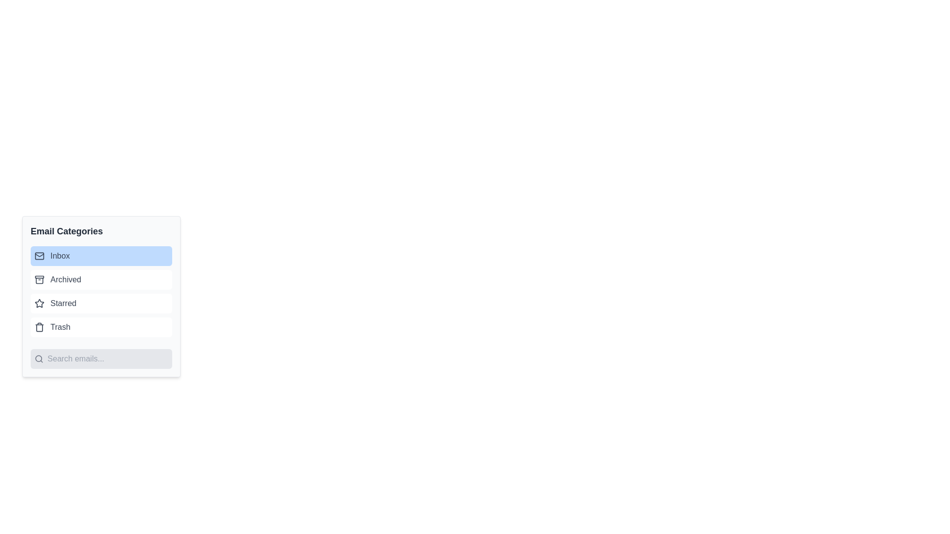 The width and height of the screenshot is (950, 534). What do you see at coordinates (101, 280) in the screenshot?
I see `the button corresponding to the category Archived` at bounding box center [101, 280].